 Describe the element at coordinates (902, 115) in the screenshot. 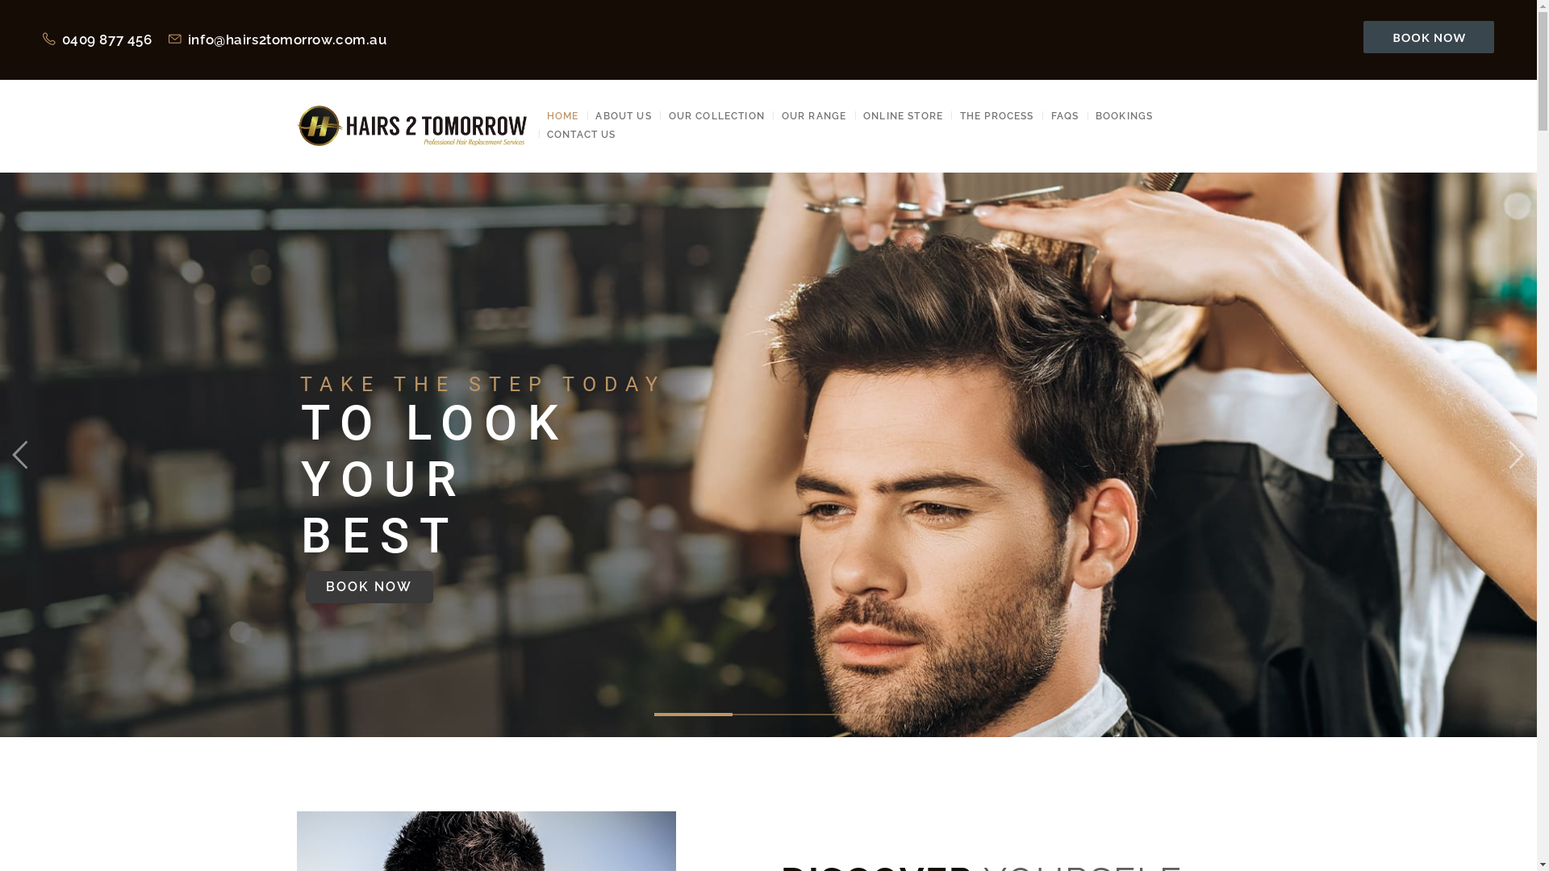

I see `'ONLINE STORE'` at that location.